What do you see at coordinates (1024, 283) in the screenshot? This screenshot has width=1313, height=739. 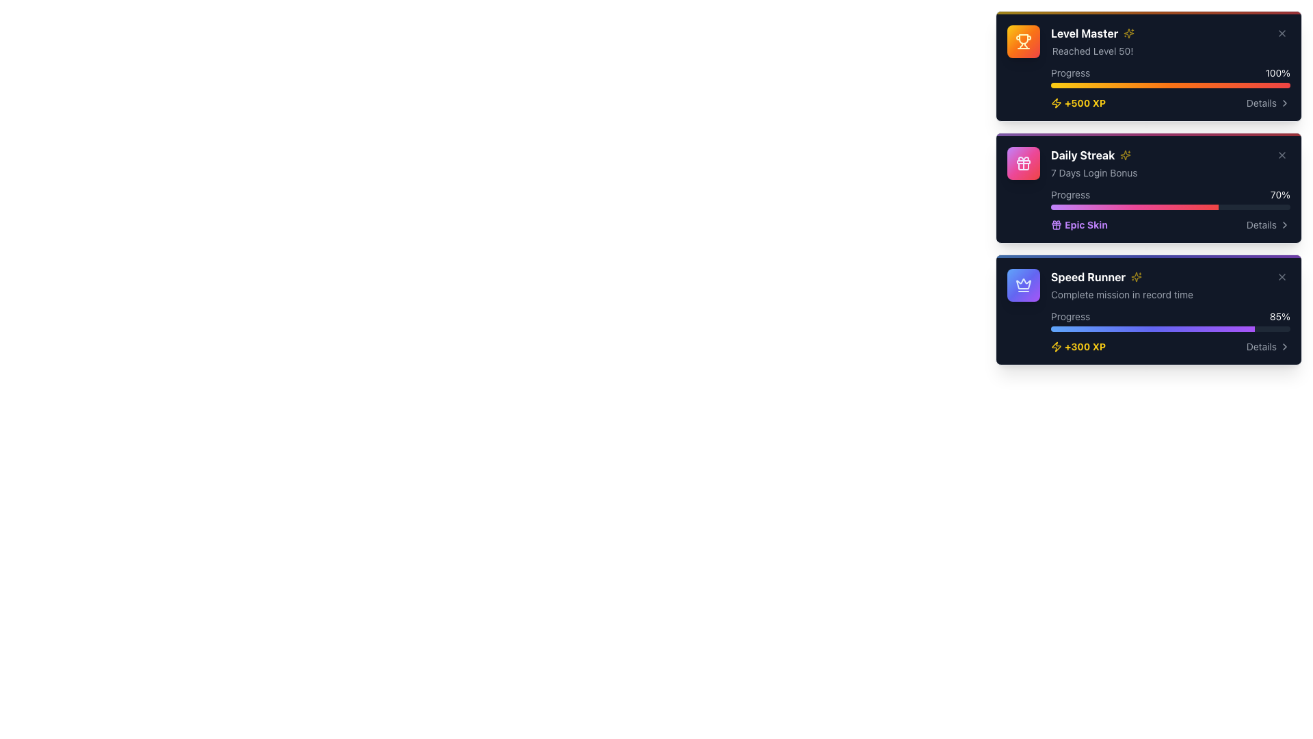 I see `the crown-shaped purple icon located within the 'Speed Runner' card's header section` at bounding box center [1024, 283].